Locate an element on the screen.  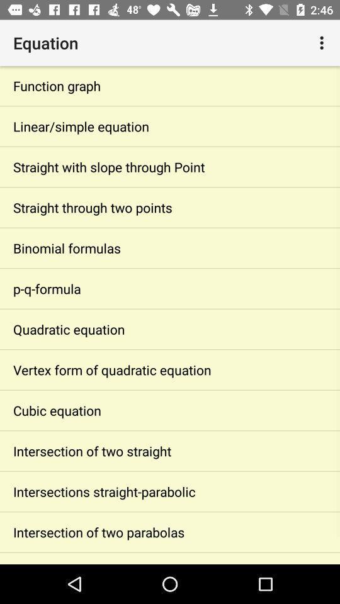
perpendicular bisector icon is located at coordinates (170, 558).